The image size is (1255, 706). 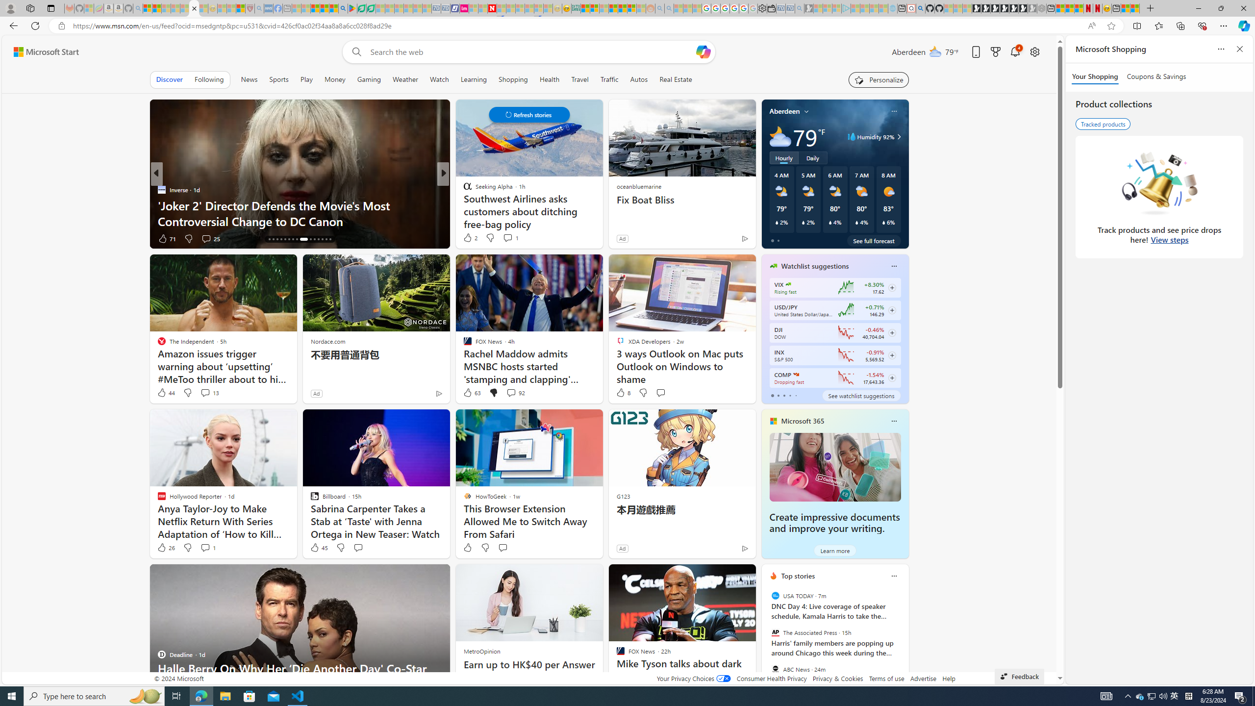 What do you see at coordinates (510, 392) in the screenshot?
I see `'View comments 92 Comment'` at bounding box center [510, 392].